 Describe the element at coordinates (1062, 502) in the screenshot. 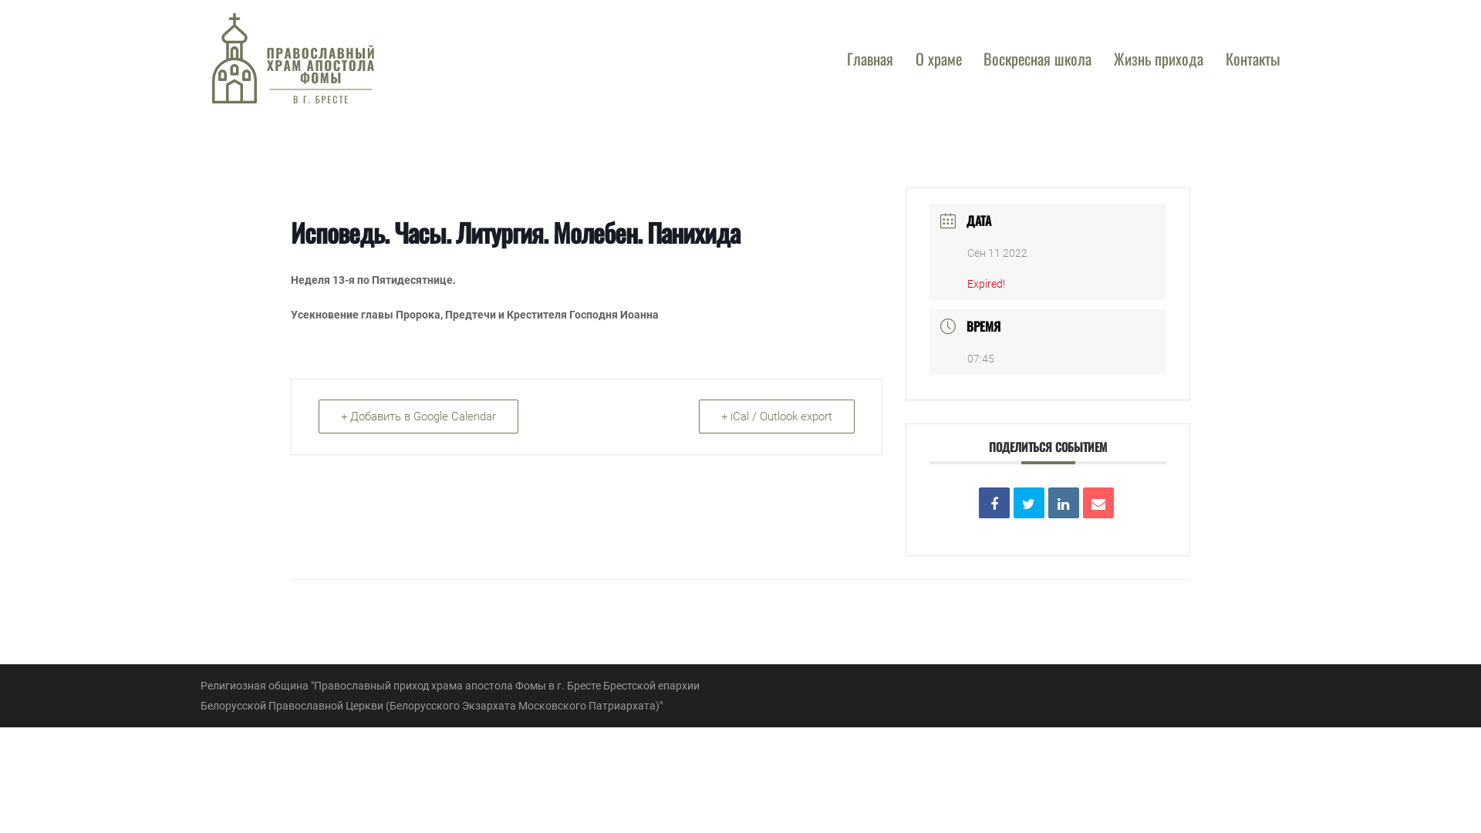

I see `'Linkedin'` at that location.